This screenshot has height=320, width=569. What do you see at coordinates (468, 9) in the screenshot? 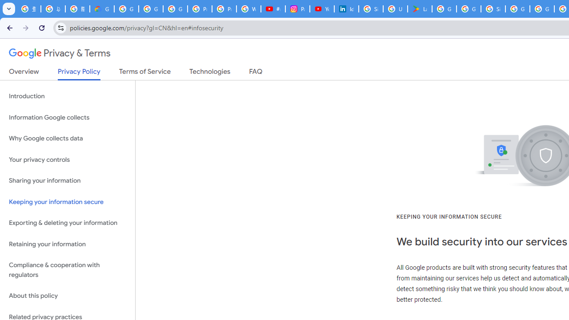
I see `'Google Workspace - Specific Terms'` at bounding box center [468, 9].